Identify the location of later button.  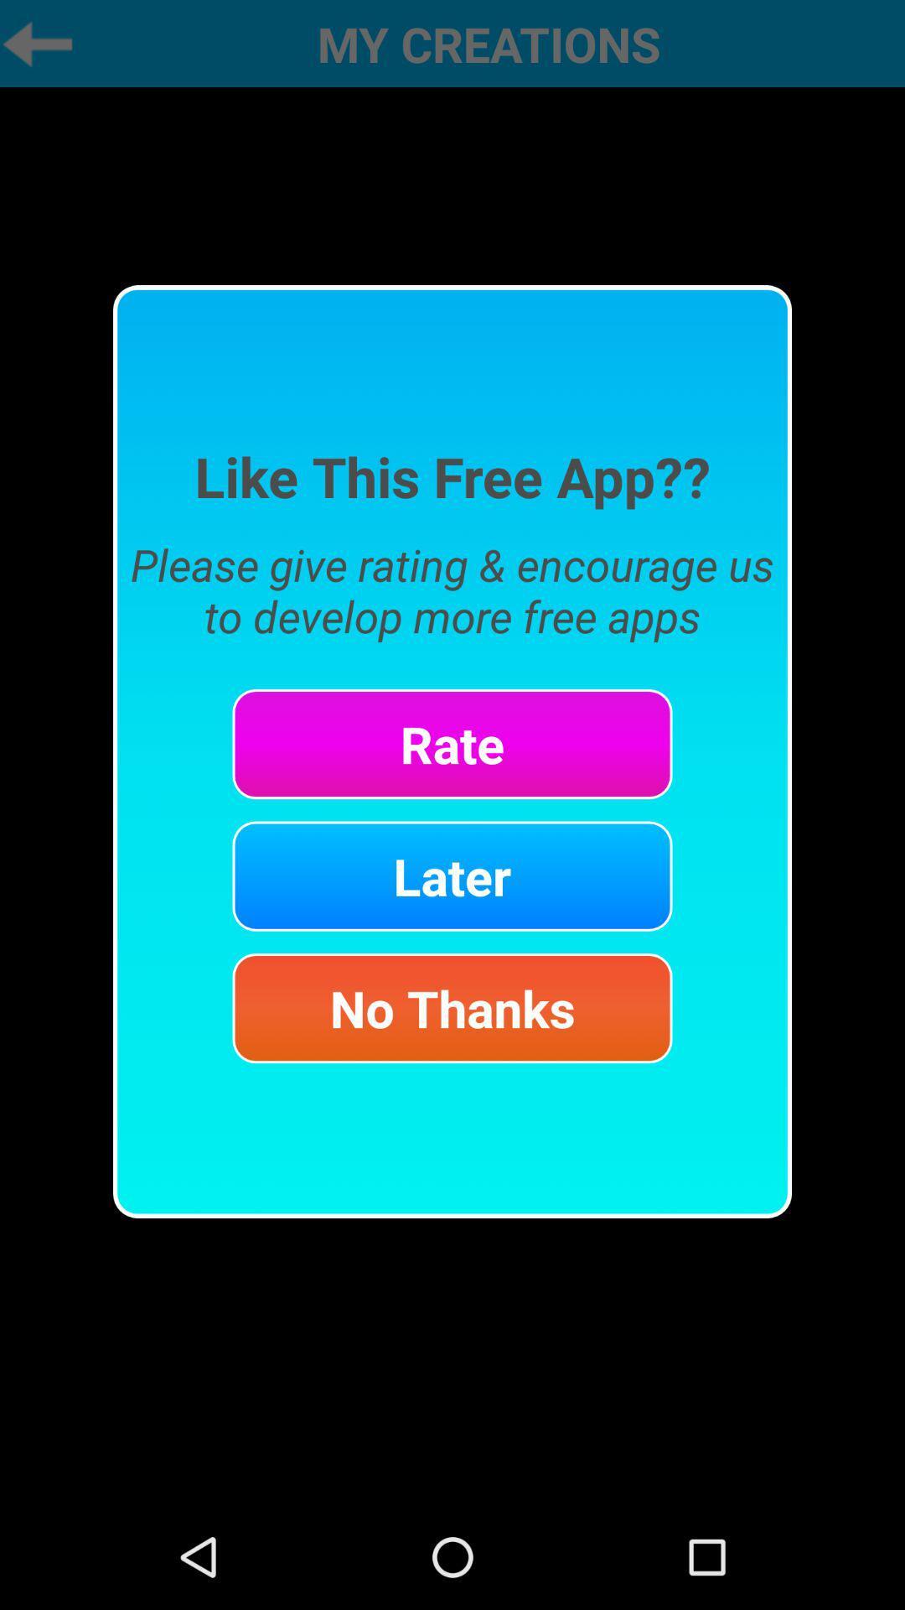
(452, 875).